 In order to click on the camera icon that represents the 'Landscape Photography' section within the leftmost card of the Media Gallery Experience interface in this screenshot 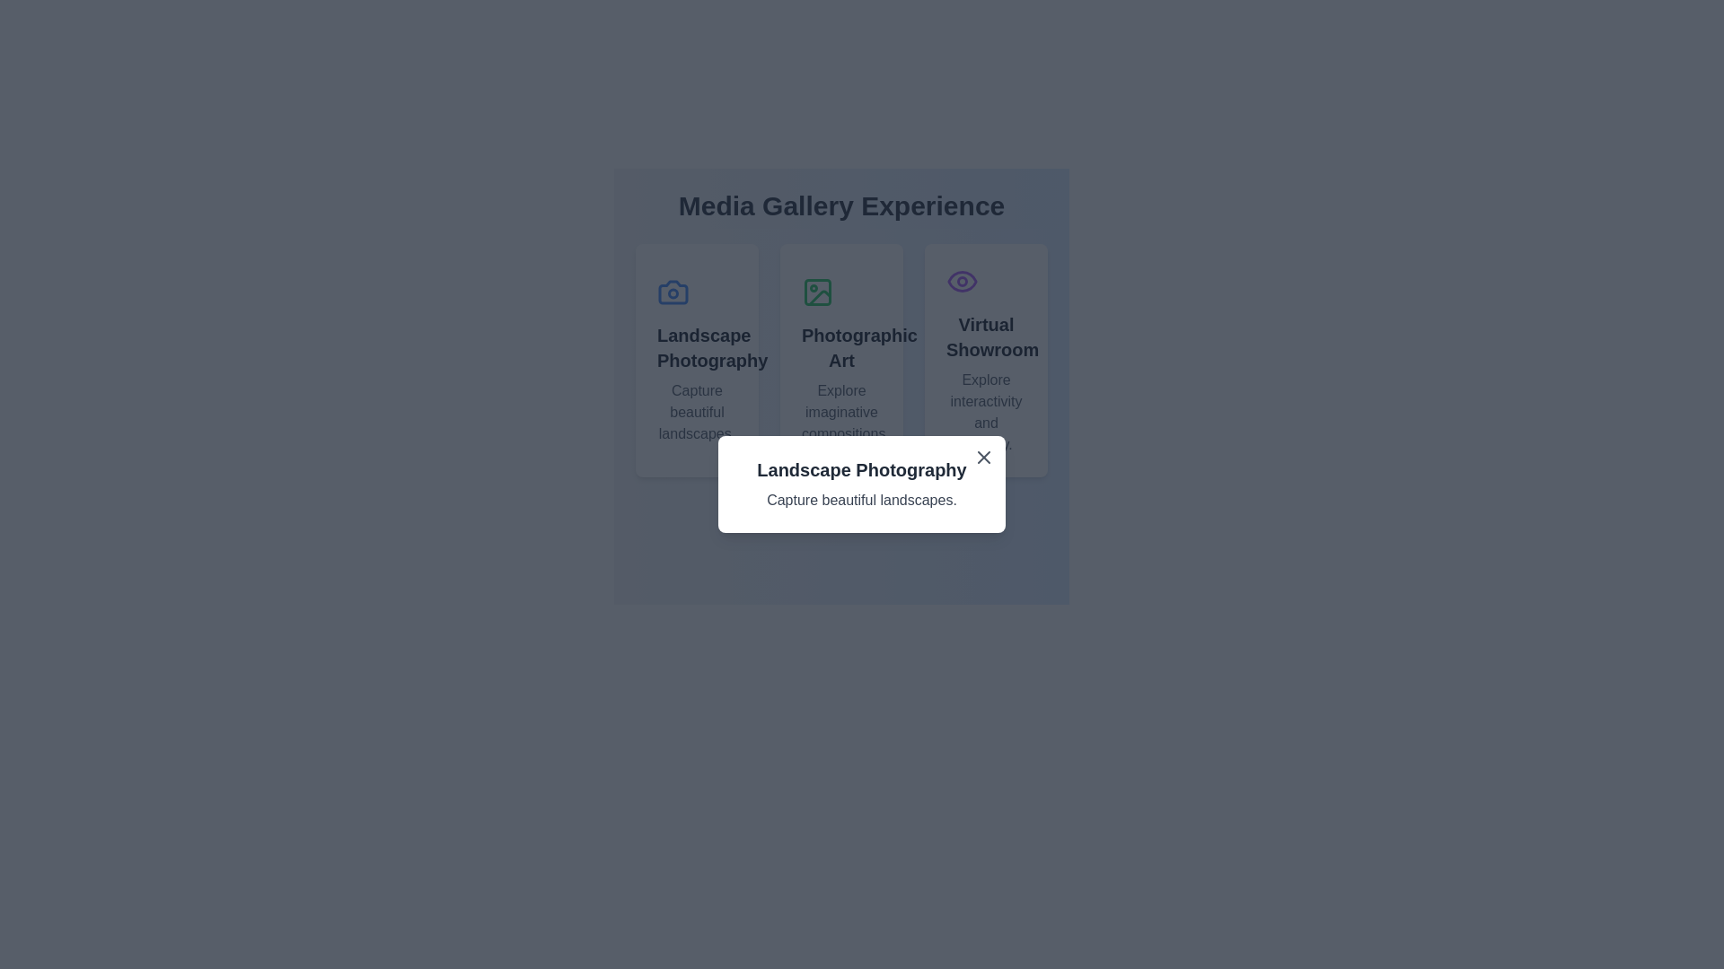, I will do `click(672, 292)`.